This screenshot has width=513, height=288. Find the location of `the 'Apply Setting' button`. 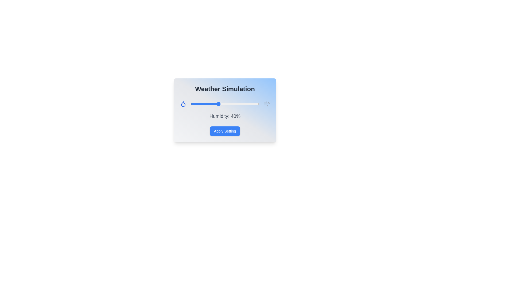

the 'Apply Setting' button is located at coordinates (225, 131).